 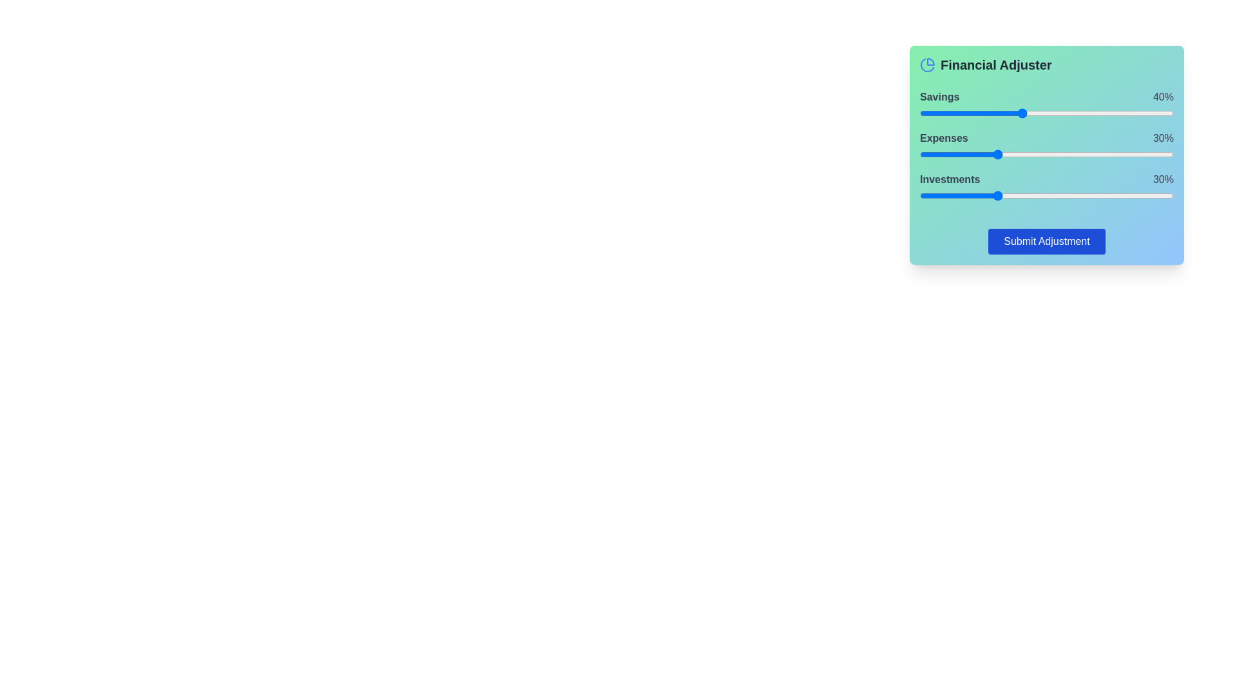 What do you see at coordinates (1064, 196) in the screenshot?
I see `the Investments slider to set the percentage to 57` at bounding box center [1064, 196].